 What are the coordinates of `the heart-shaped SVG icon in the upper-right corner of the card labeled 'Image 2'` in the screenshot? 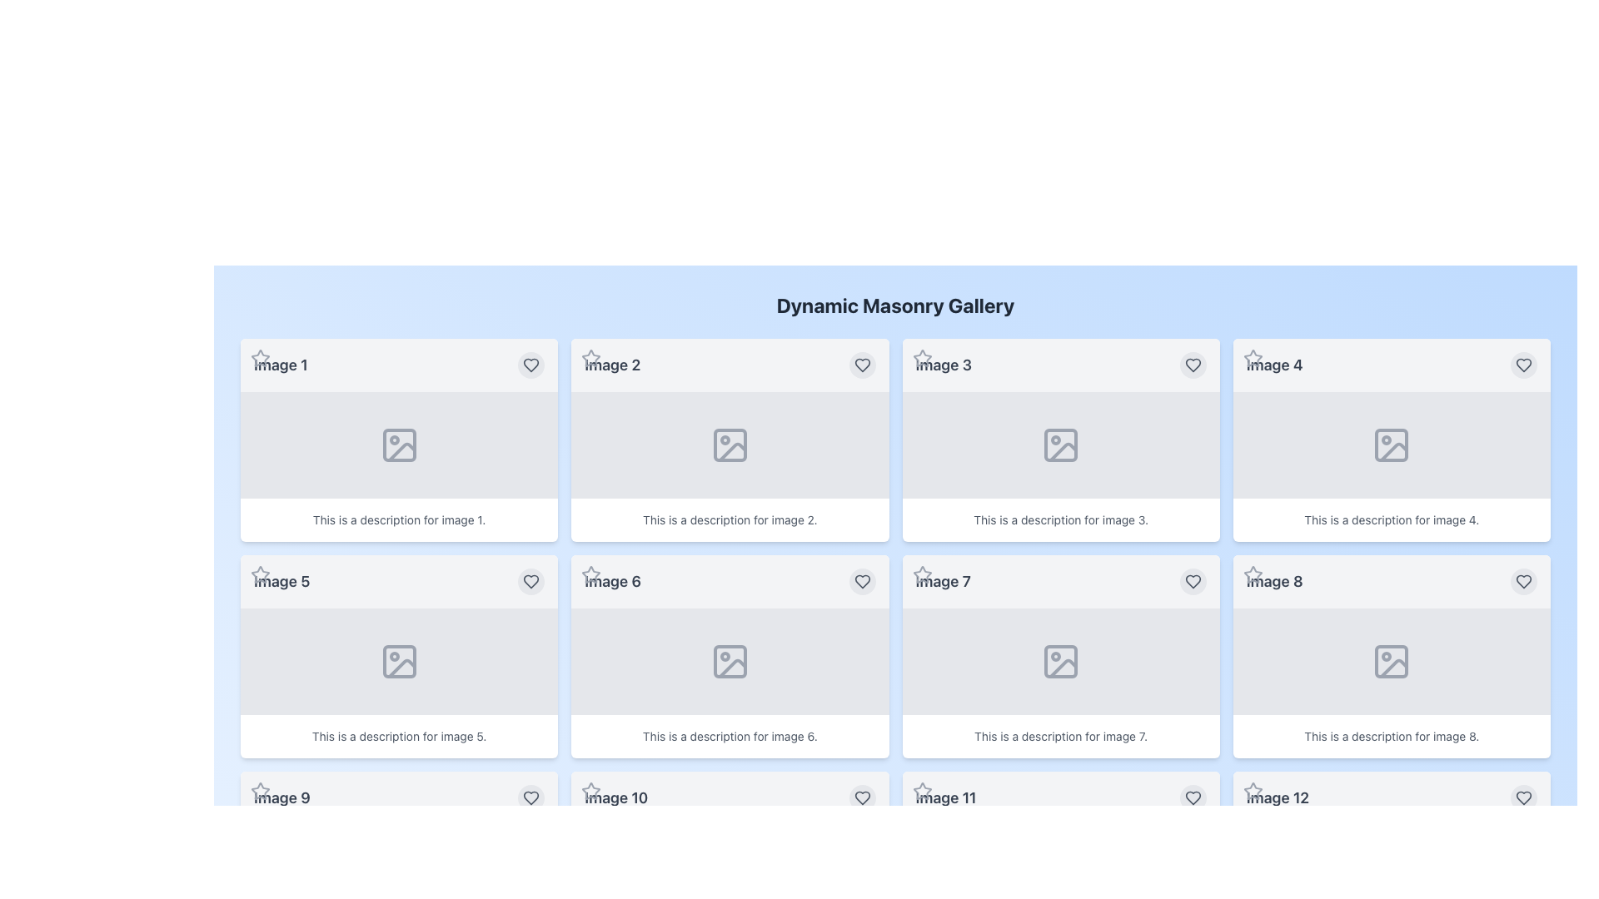 It's located at (862, 365).